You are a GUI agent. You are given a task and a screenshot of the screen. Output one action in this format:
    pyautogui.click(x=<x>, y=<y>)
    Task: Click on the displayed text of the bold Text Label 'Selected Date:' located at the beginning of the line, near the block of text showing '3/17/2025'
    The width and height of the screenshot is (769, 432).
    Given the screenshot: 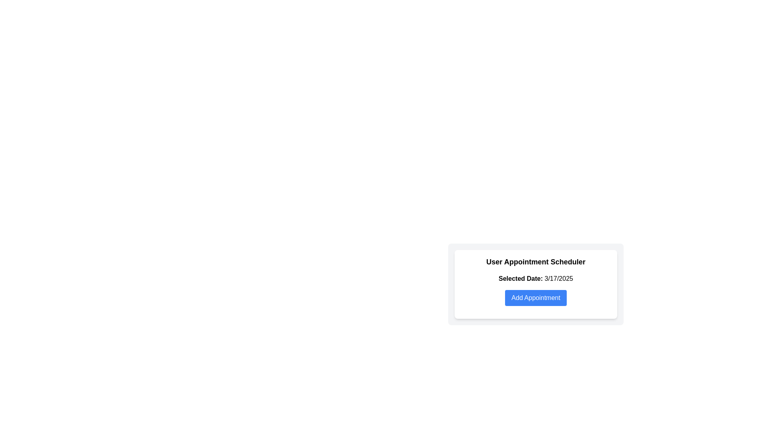 What is the action you would take?
    pyautogui.click(x=521, y=278)
    